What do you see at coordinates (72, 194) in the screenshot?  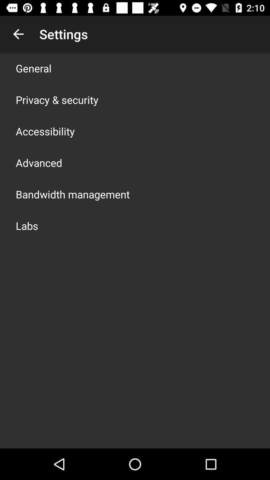 I see `the bandwidth management` at bounding box center [72, 194].